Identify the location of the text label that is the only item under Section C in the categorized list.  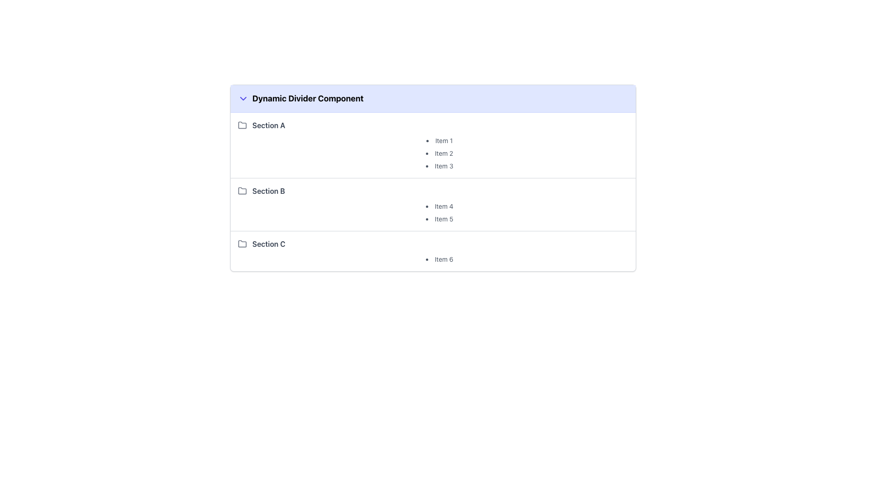
(439, 259).